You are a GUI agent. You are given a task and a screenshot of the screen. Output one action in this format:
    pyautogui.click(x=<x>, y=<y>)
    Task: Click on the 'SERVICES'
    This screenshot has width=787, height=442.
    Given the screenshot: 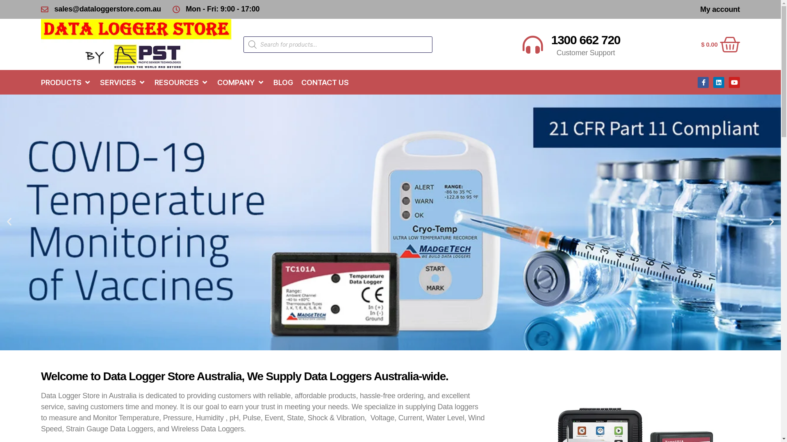 What is the action you would take?
    pyautogui.click(x=118, y=82)
    